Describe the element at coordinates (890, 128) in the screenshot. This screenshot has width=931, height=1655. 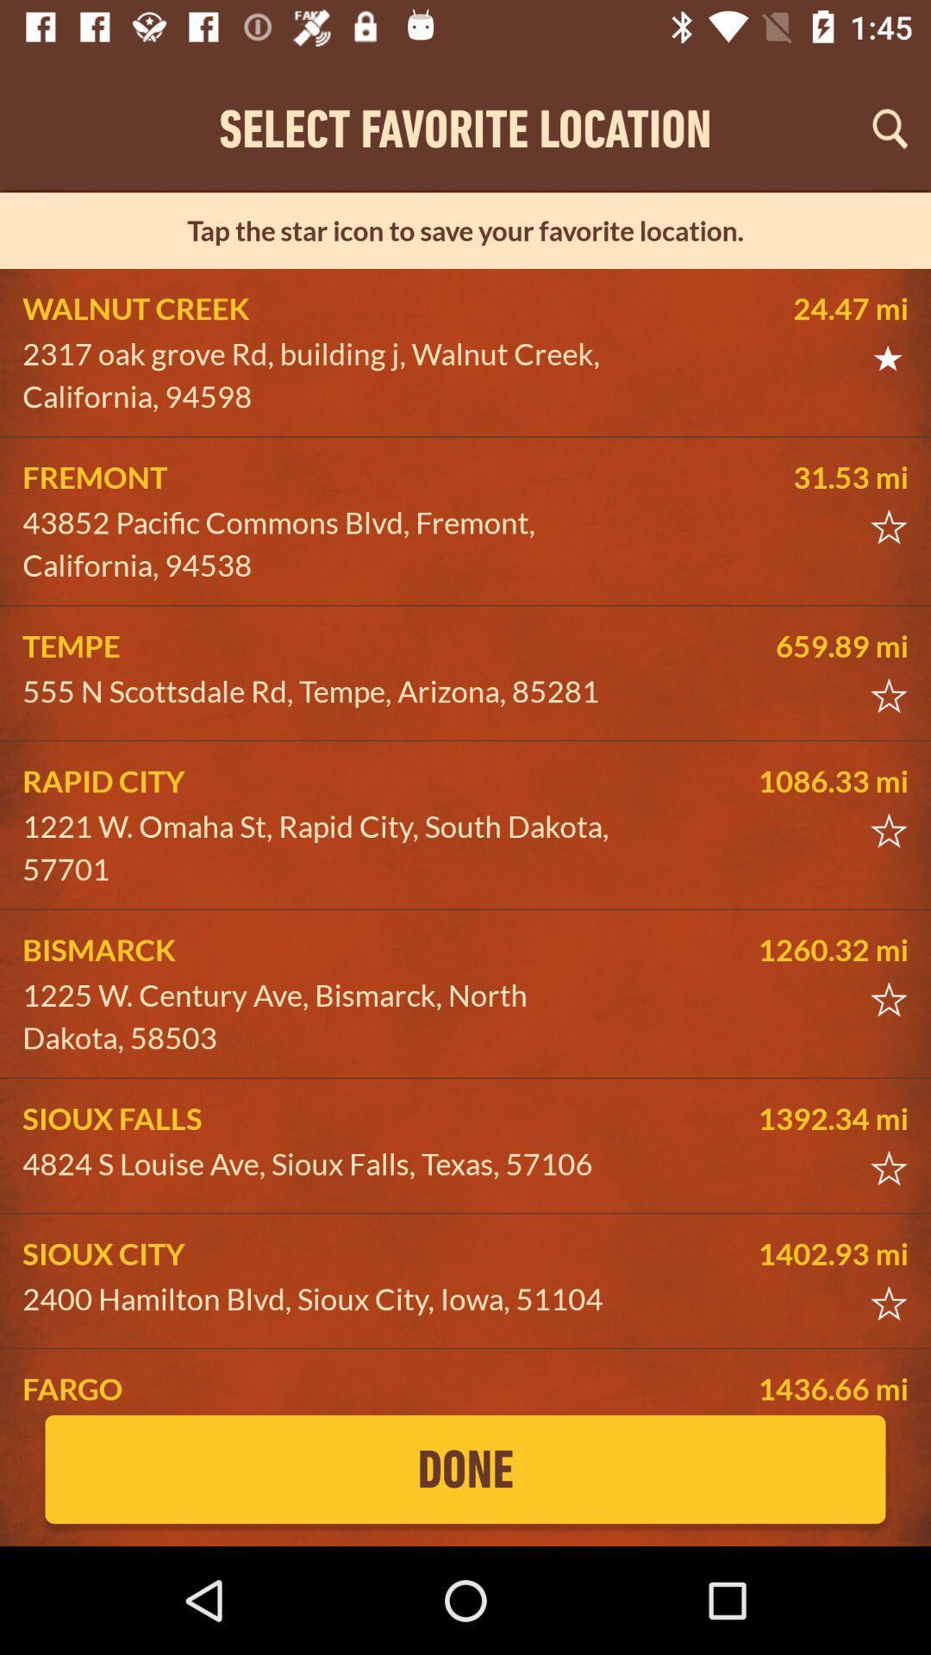
I see `icon above tap the star icon` at that location.